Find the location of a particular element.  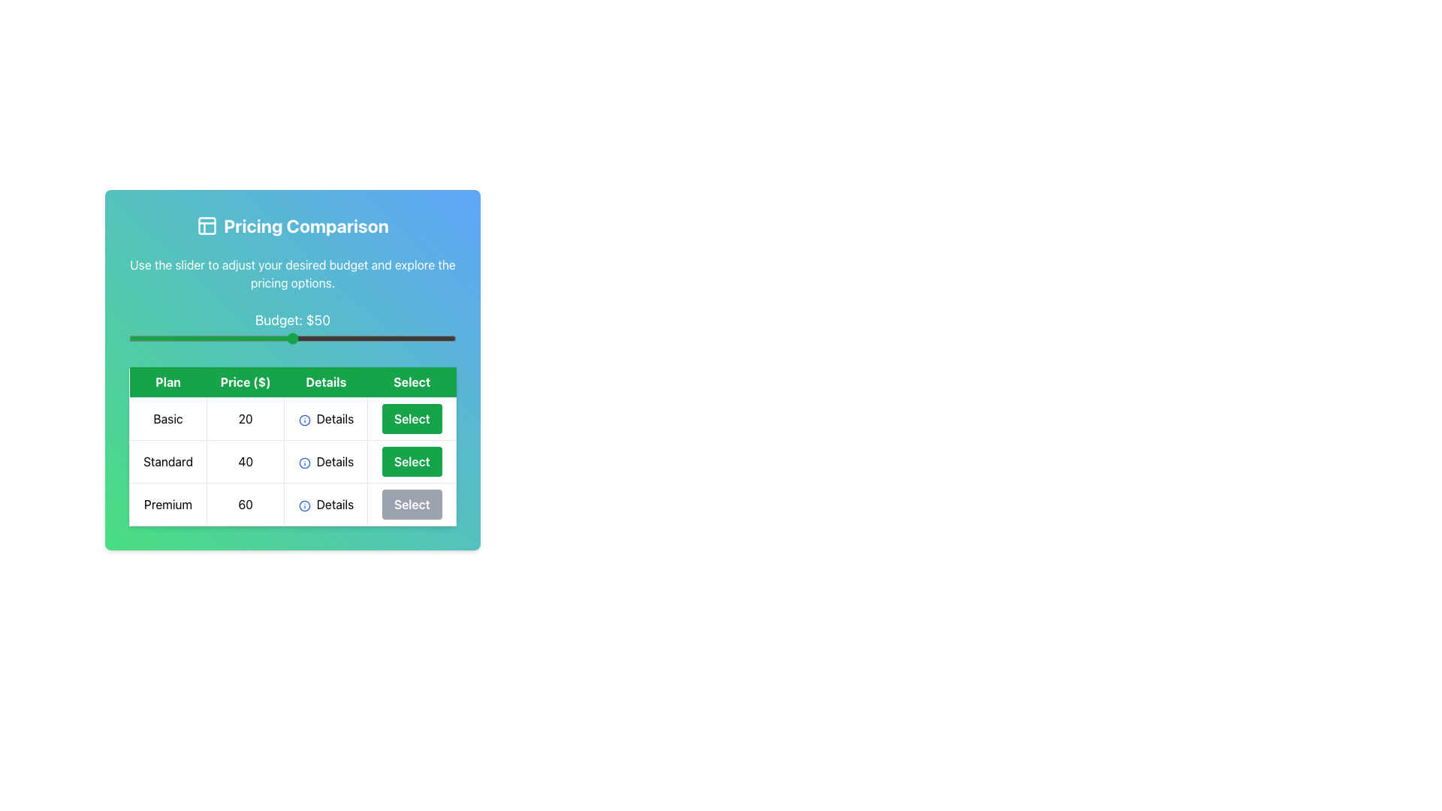

the budget is located at coordinates (223, 339).